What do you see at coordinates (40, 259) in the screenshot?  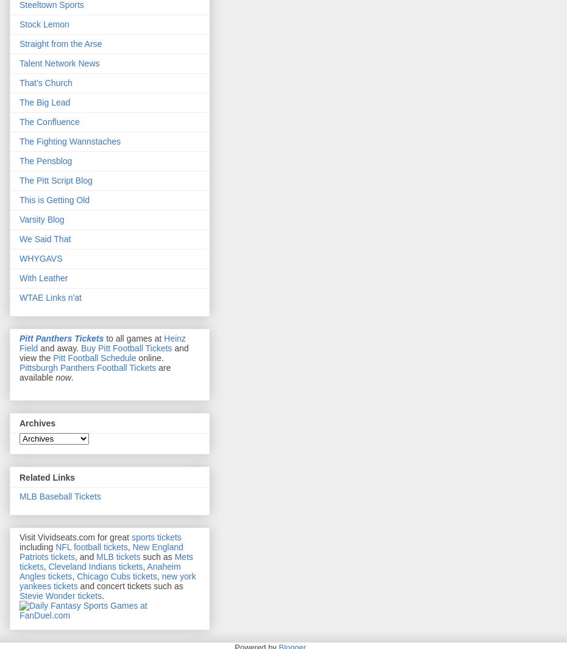 I see `'WHYGAVS'` at bounding box center [40, 259].